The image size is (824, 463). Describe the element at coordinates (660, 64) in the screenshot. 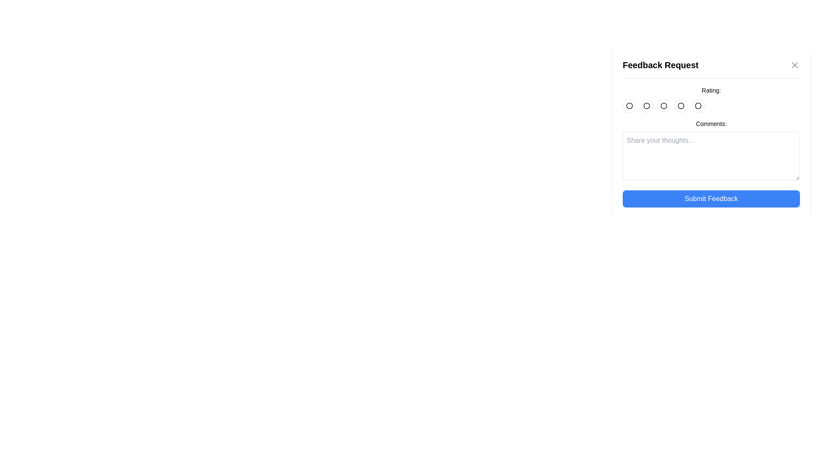

I see `text 'Feedback Request' located in the top-left corner of the feedback form interface's header section` at that location.